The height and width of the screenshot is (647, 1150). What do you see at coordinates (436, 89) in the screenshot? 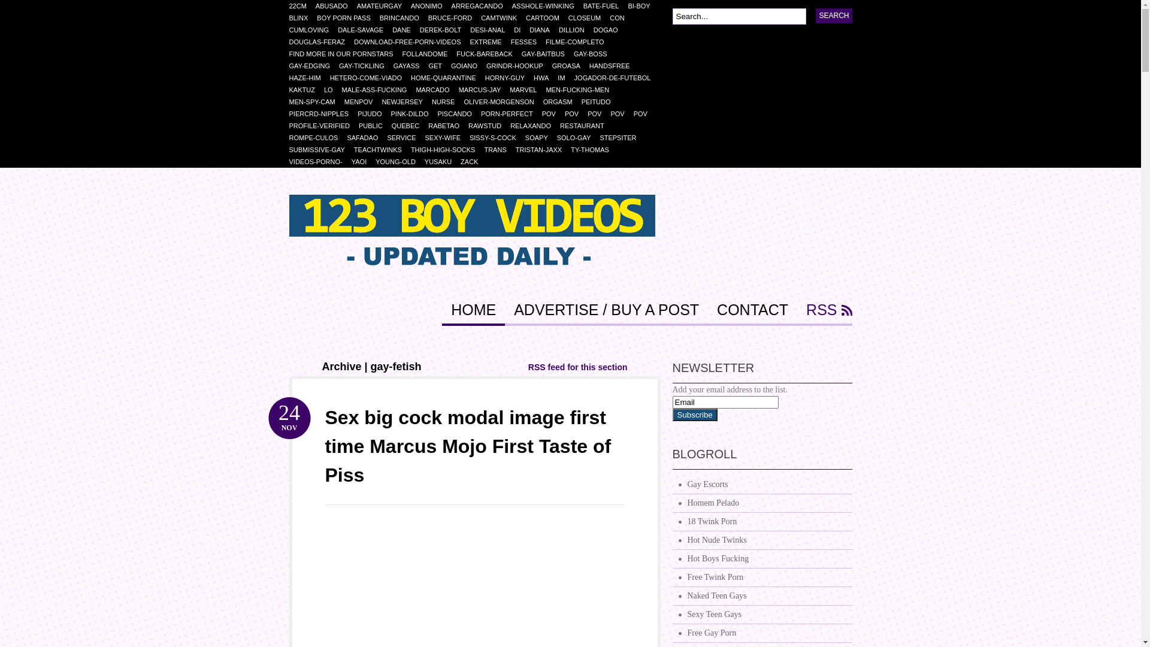
I see `'MARCADO'` at bounding box center [436, 89].